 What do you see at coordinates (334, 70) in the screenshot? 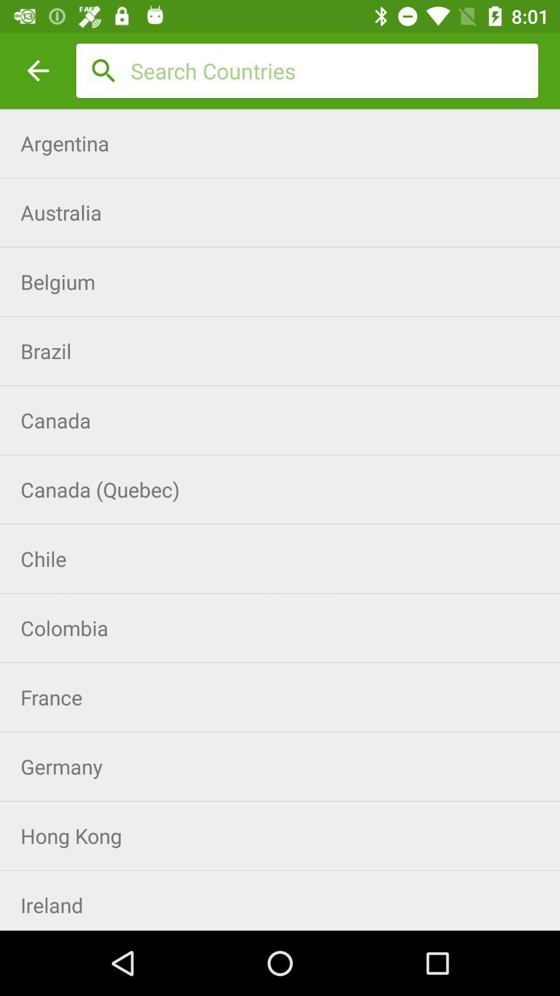
I see `search countries option` at bounding box center [334, 70].